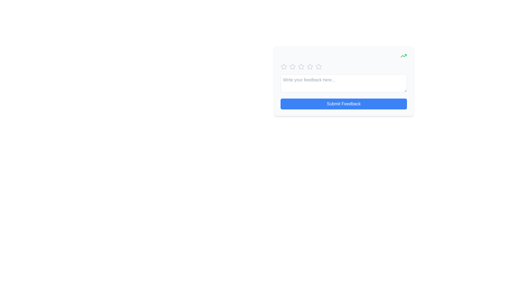 The image size is (523, 294). What do you see at coordinates (318, 66) in the screenshot?
I see `the fifth star icon` at bounding box center [318, 66].